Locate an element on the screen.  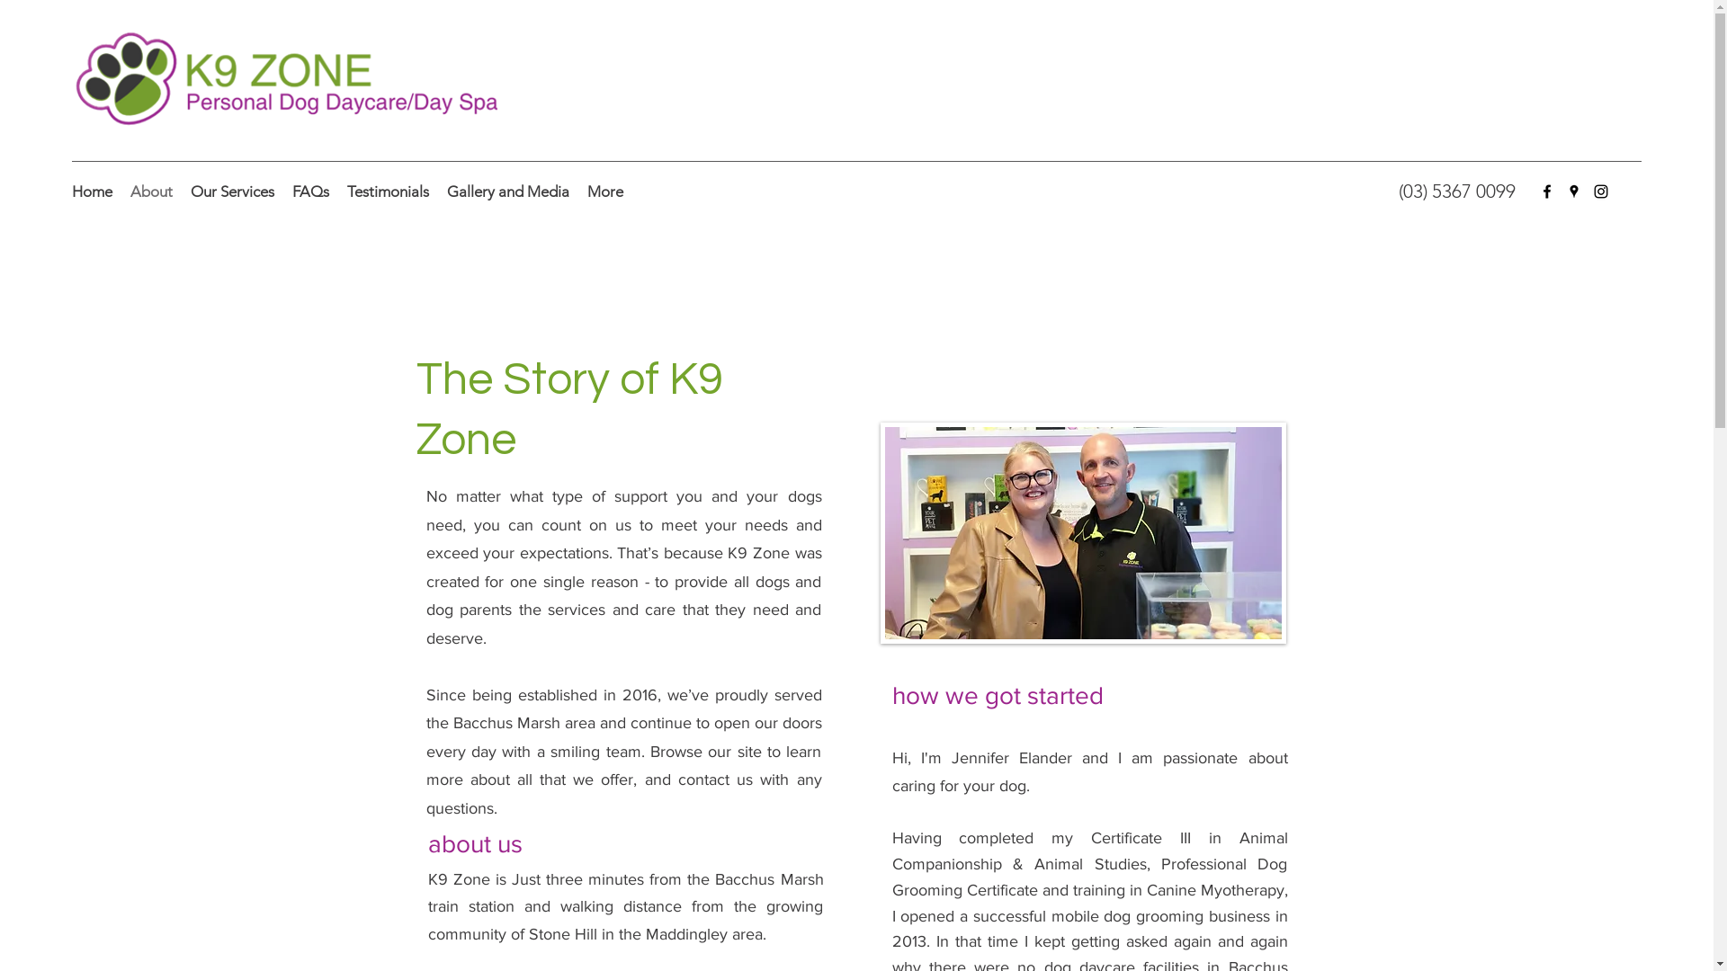
'FAQs' is located at coordinates (310, 191).